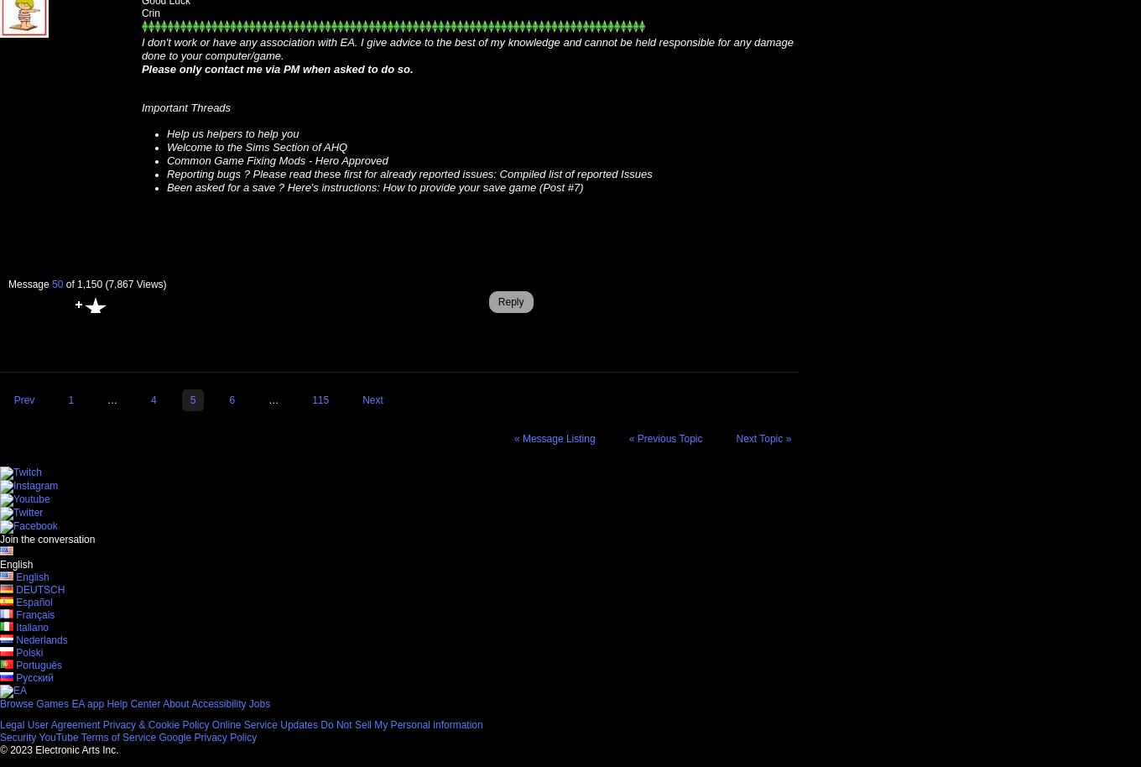 The image size is (1141, 767). Describe the element at coordinates (39, 664) in the screenshot. I see `'Português'` at that location.